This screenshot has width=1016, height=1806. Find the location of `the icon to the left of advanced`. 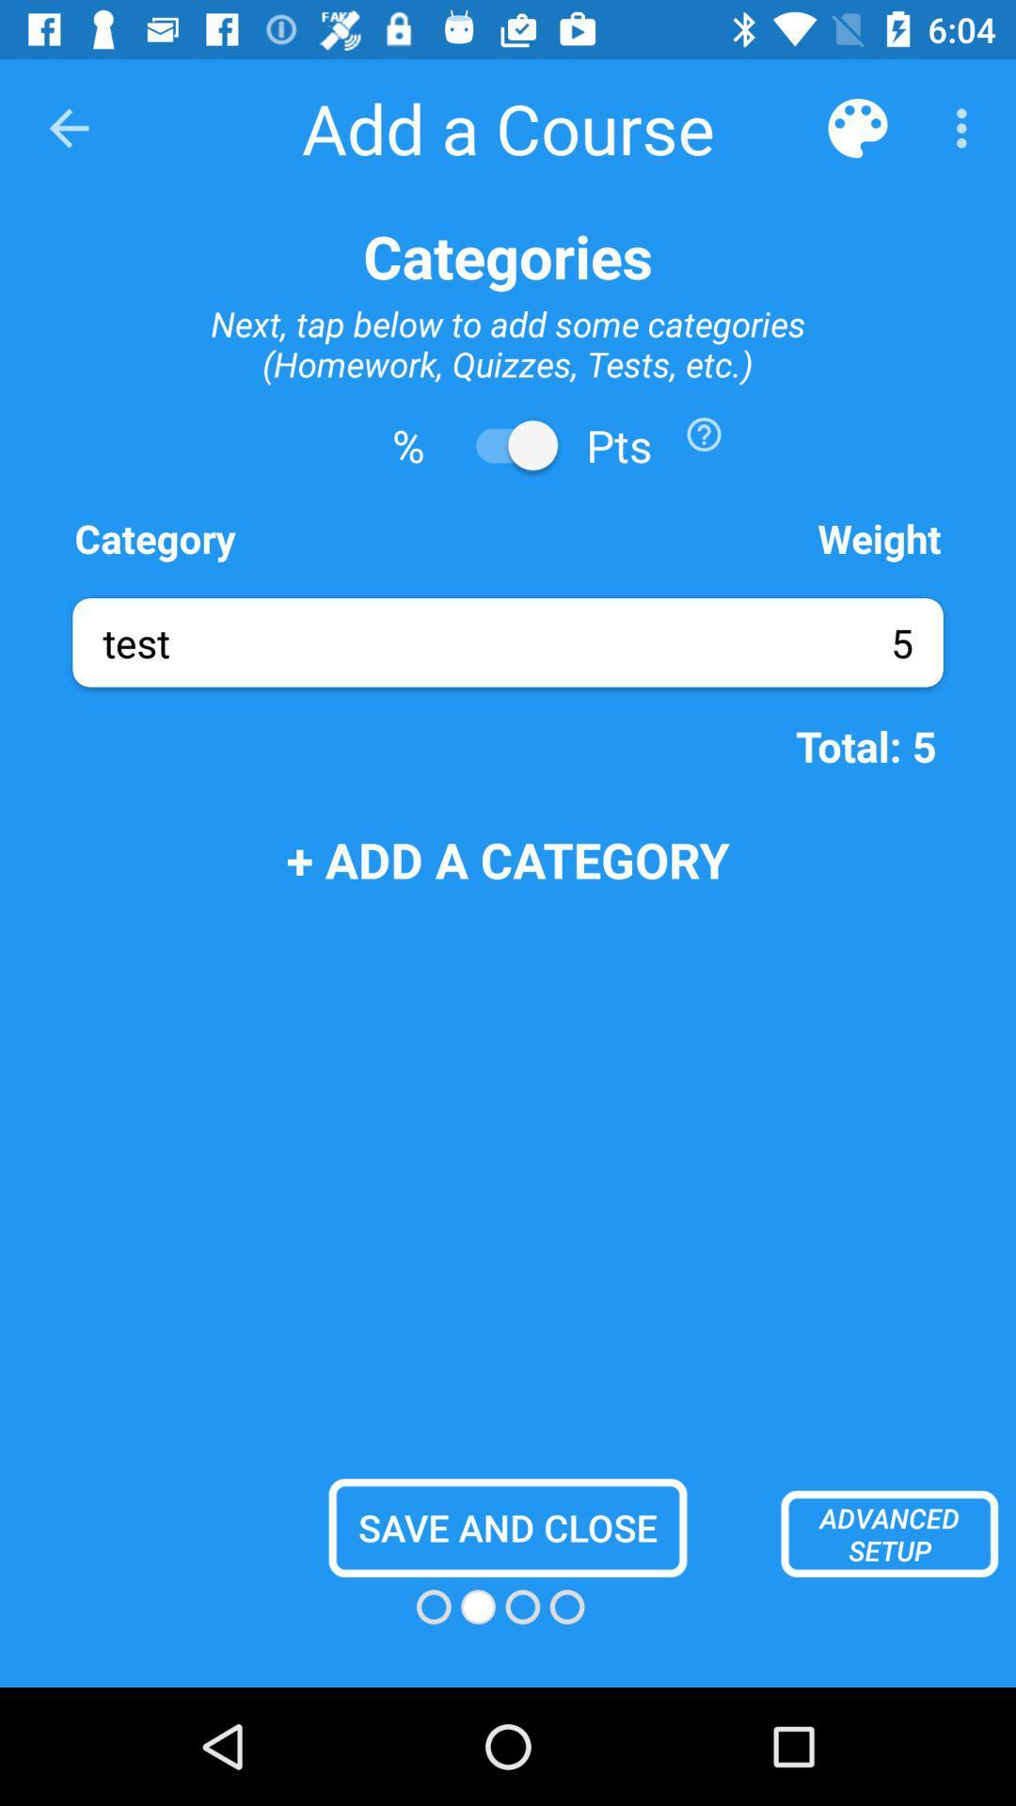

the icon to the left of advanced is located at coordinates (508, 1528).